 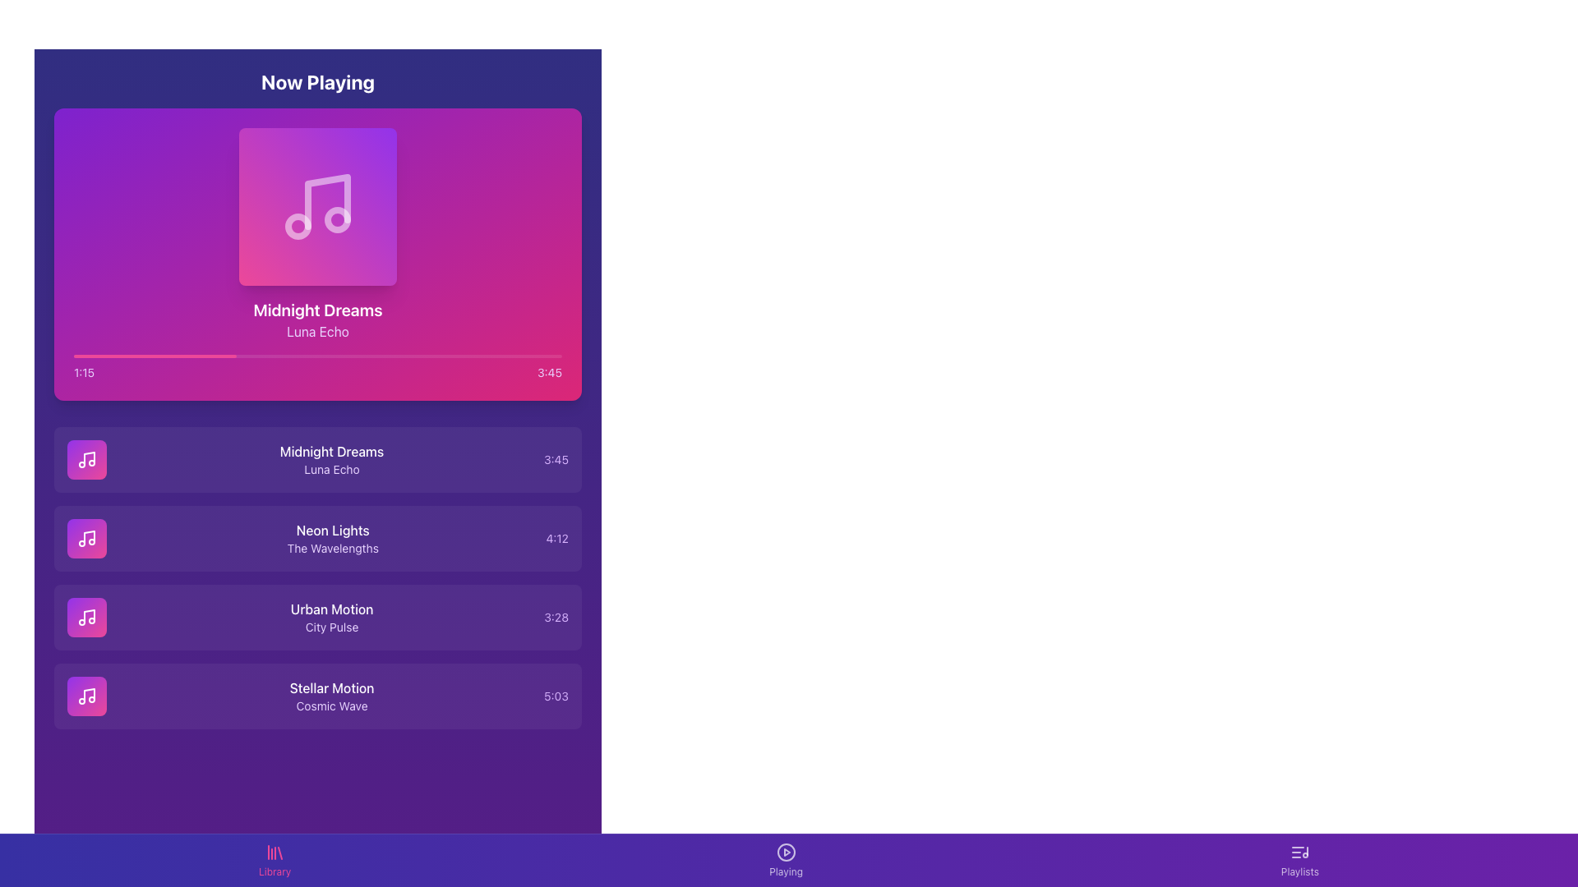 I want to click on text label 'Playlists' located in the bottom-right corner of the interface beneath the music playlist icon, so click(x=1299, y=871).